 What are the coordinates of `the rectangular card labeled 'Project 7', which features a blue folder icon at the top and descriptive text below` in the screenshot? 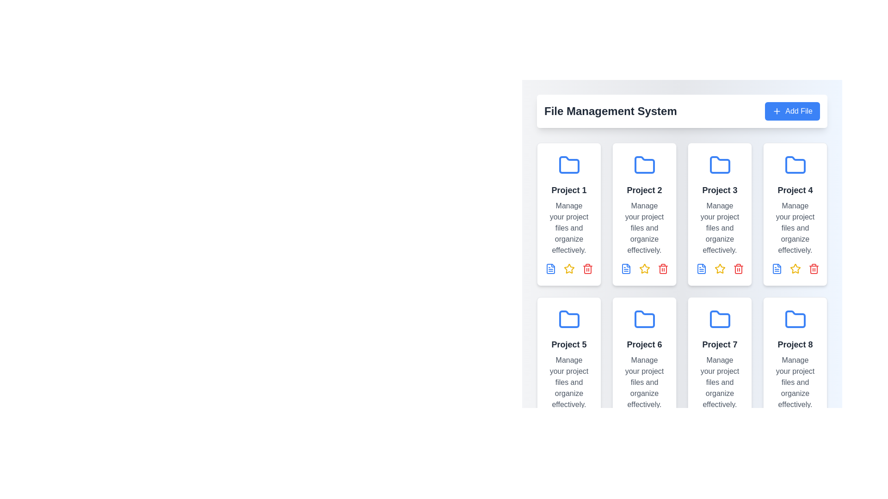 It's located at (719, 368).